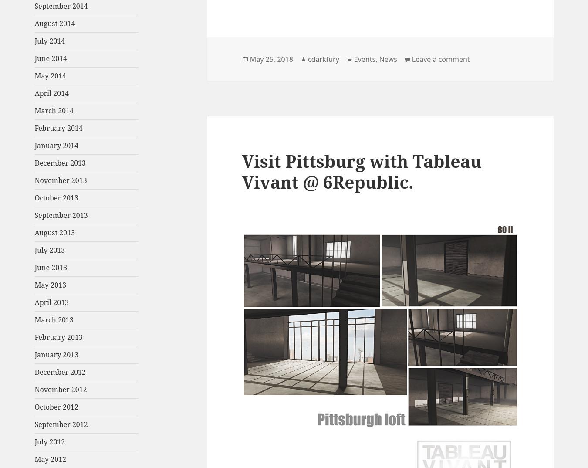 The width and height of the screenshot is (588, 468). I want to click on 'June 2013', so click(51, 268).